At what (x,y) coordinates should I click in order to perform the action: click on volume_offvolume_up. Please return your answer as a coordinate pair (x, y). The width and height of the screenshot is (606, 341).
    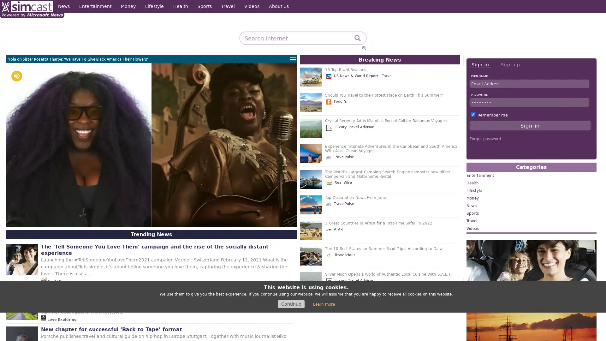
    Looking at the image, I should click on (16, 75).